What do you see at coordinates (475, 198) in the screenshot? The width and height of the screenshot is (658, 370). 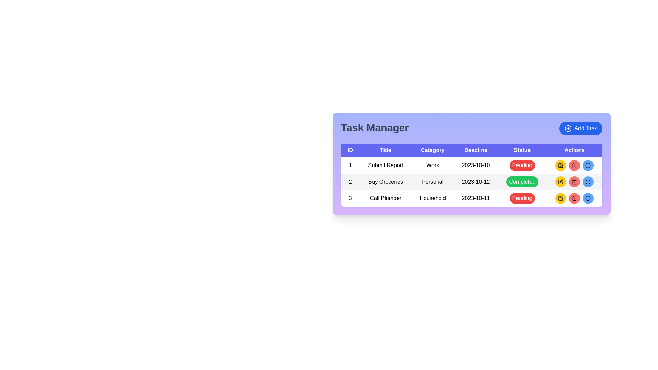 I see `text displaying '2023-10-11' located in the fourth column of the third row in the data table, styled with a clean, sans-serif black font against a white background` at bounding box center [475, 198].